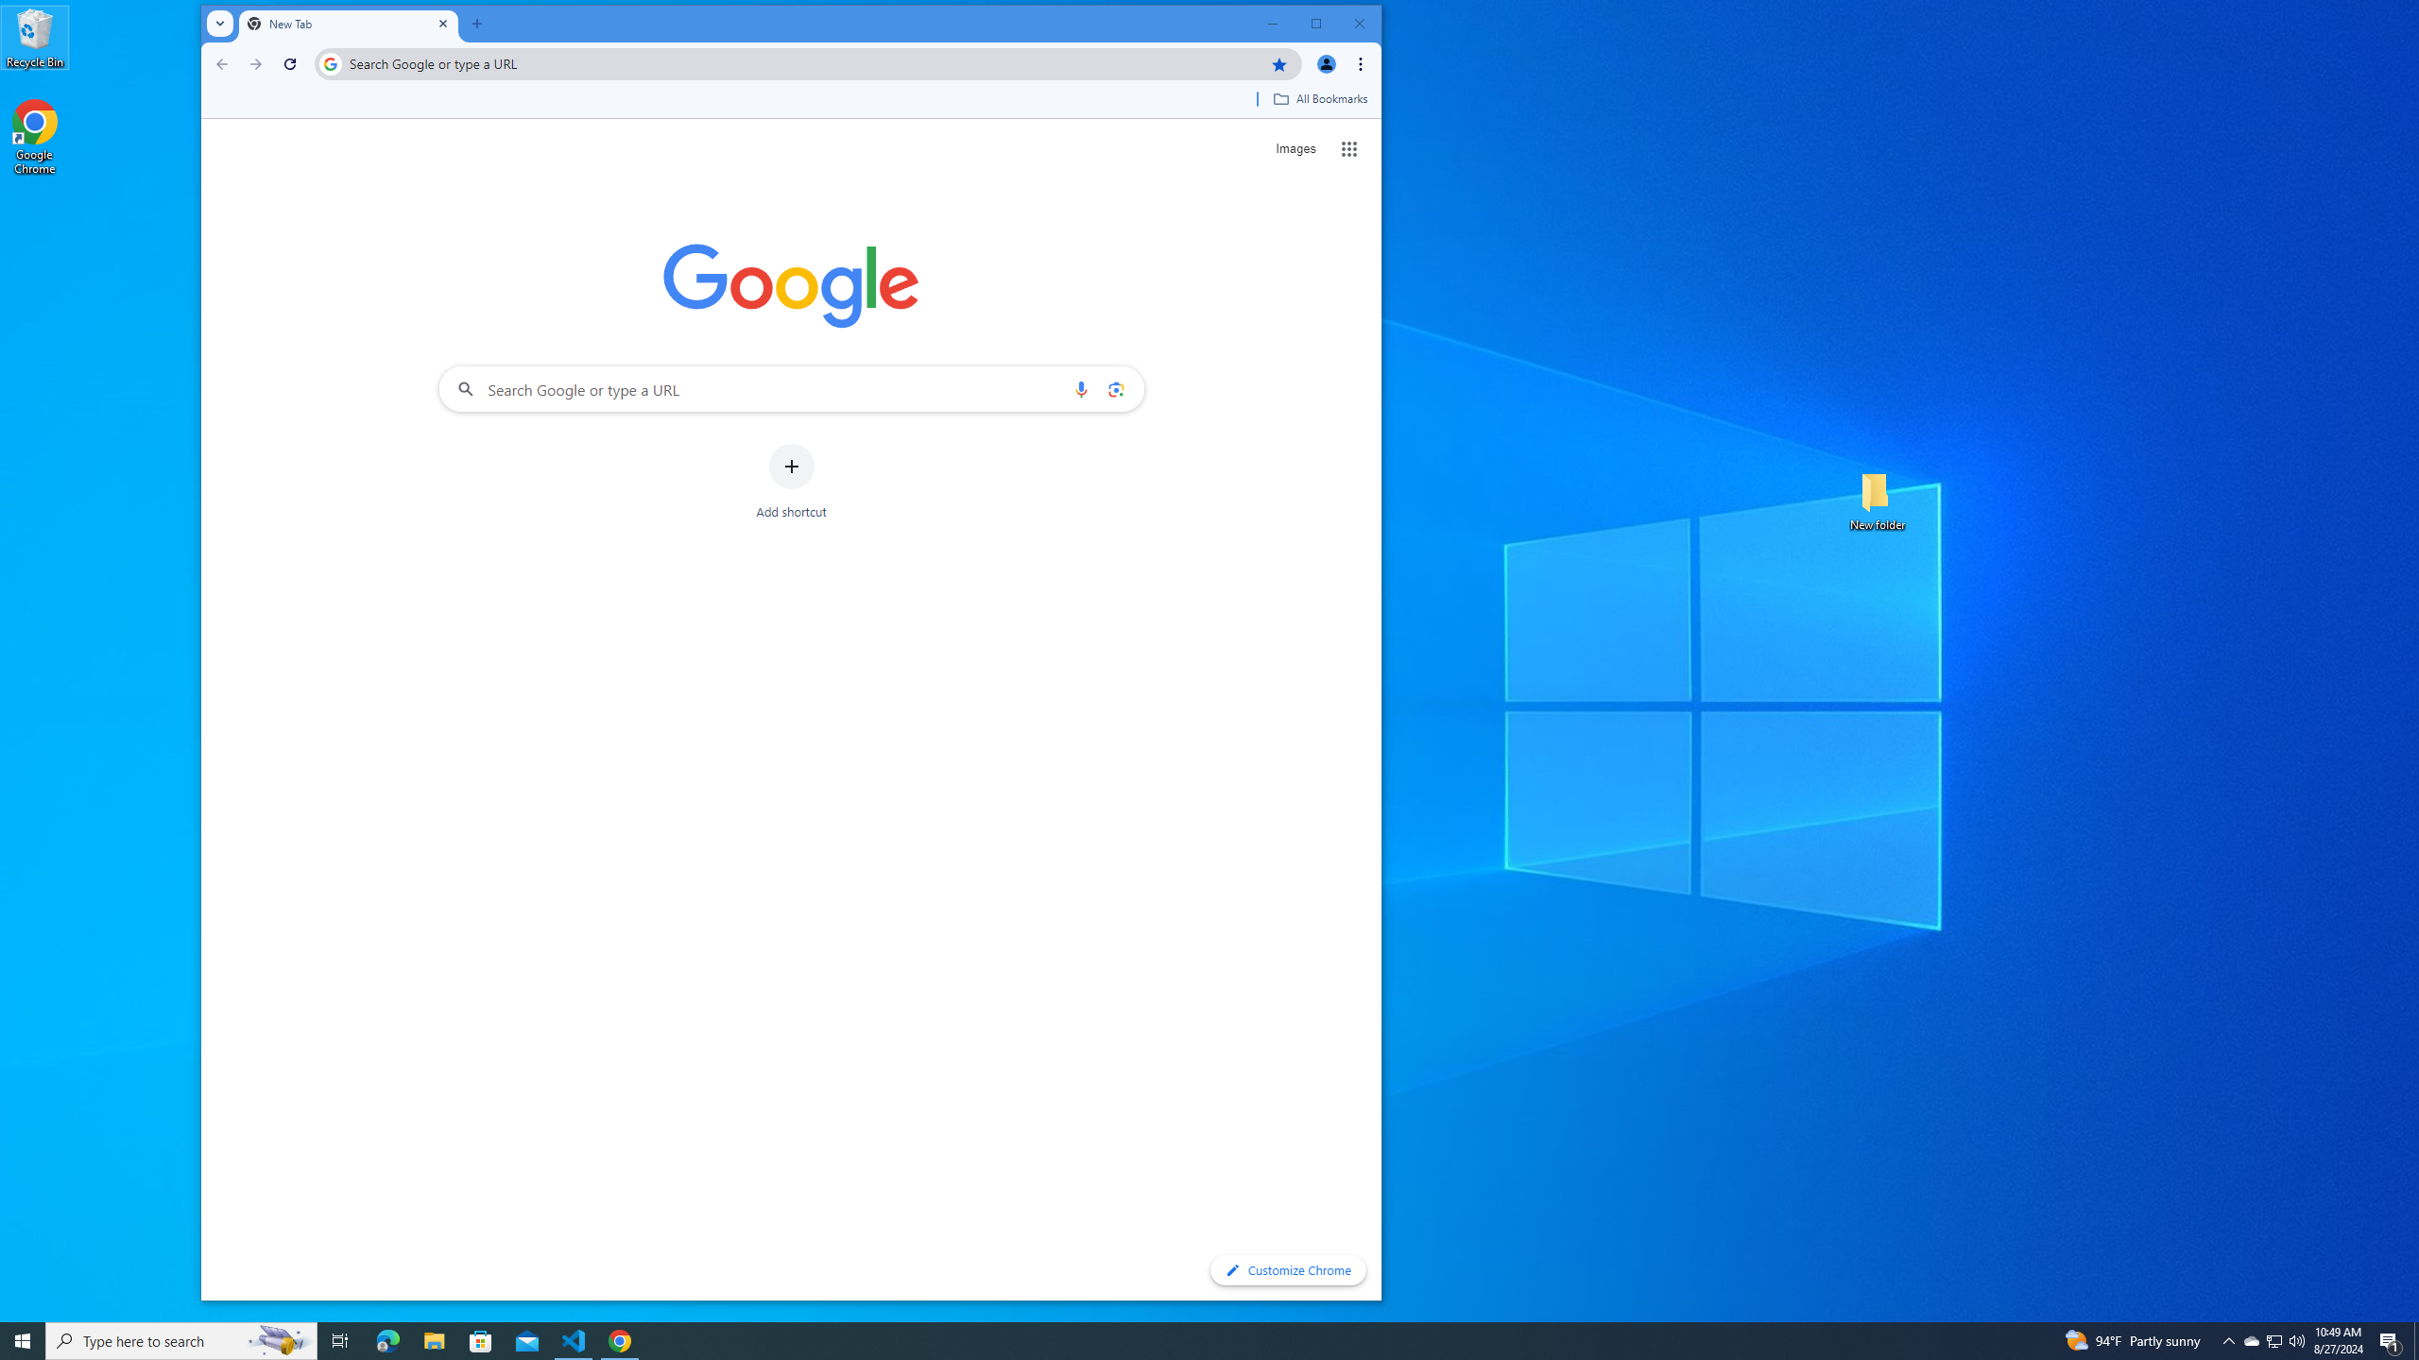  I want to click on 'Recycle Bin', so click(34, 36).